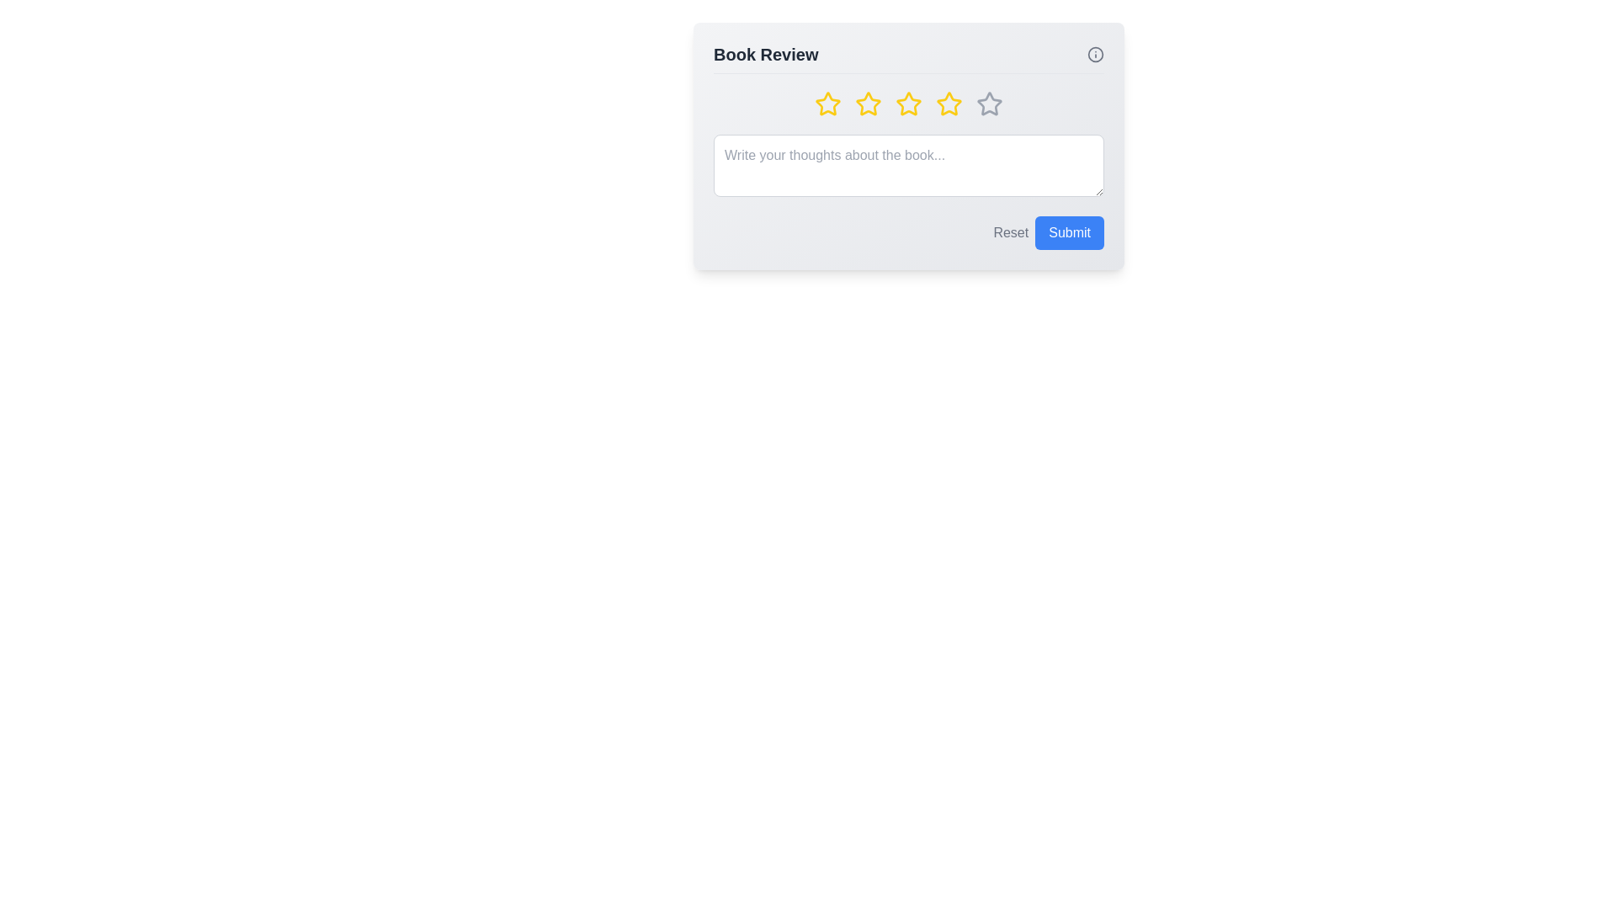 The width and height of the screenshot is (1616, 909). Describe the element at coordinates (990, 104) in the screenshot. I see `the star corresponding to 5 to preview the rating` at that location.